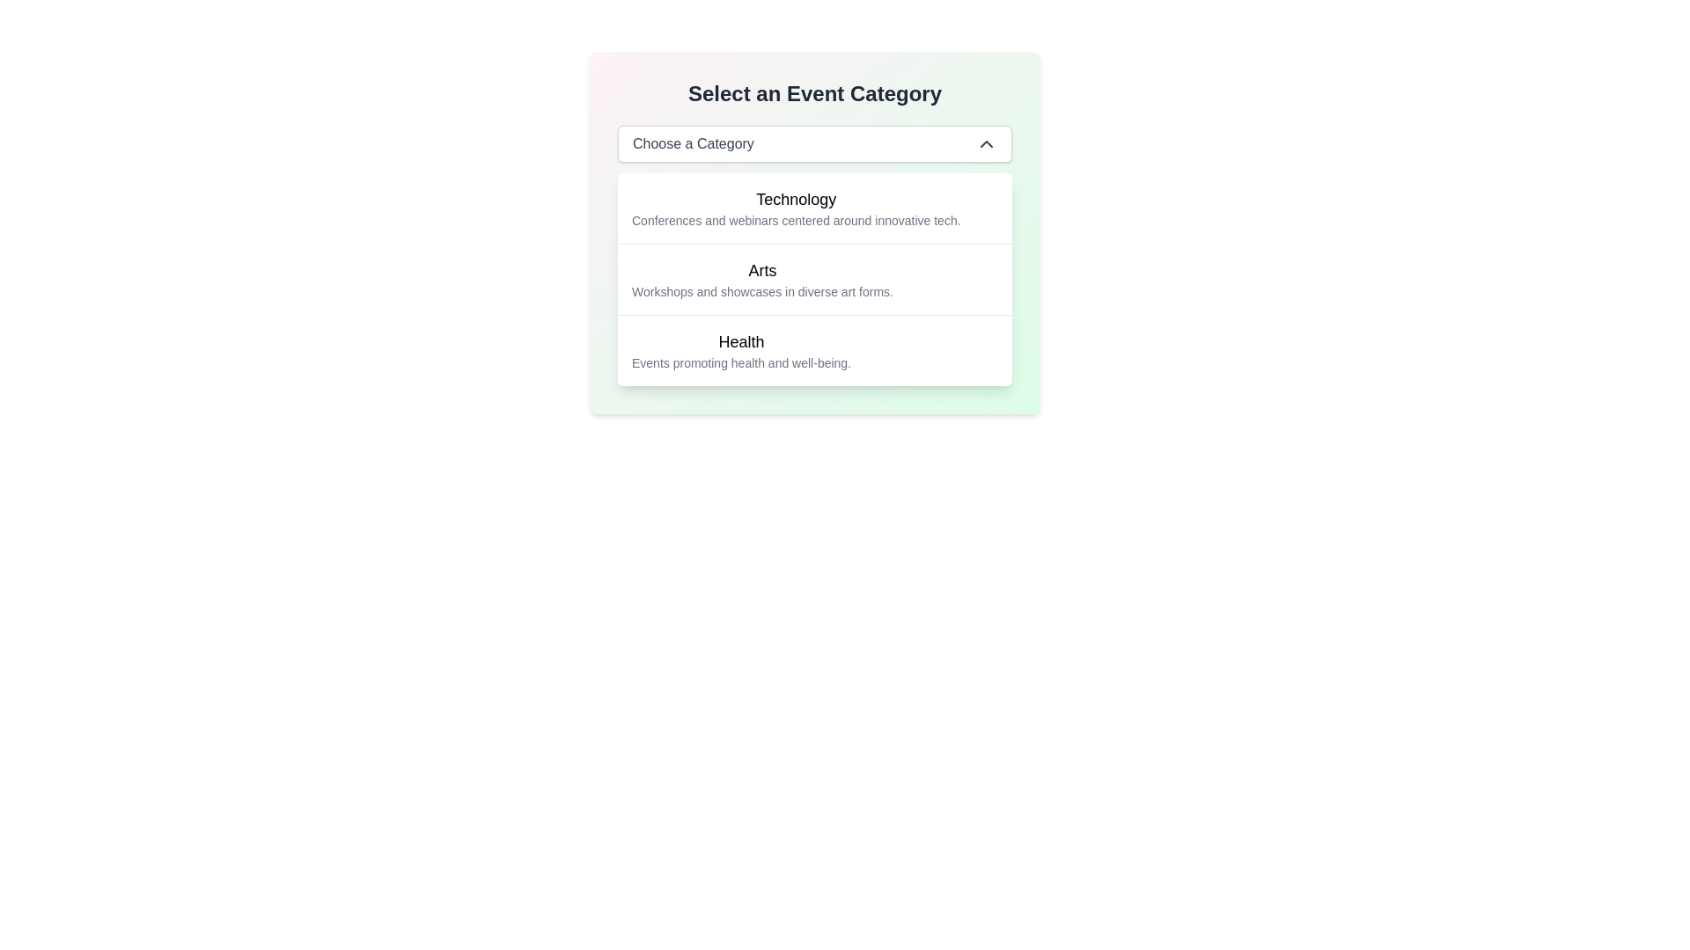 Image resolution: width=1690 pixels, height=950 pixels. Describe the element at coordinates (814, 232) in the screenshot. I see `the first list item labeled 'Technology'` at that location.